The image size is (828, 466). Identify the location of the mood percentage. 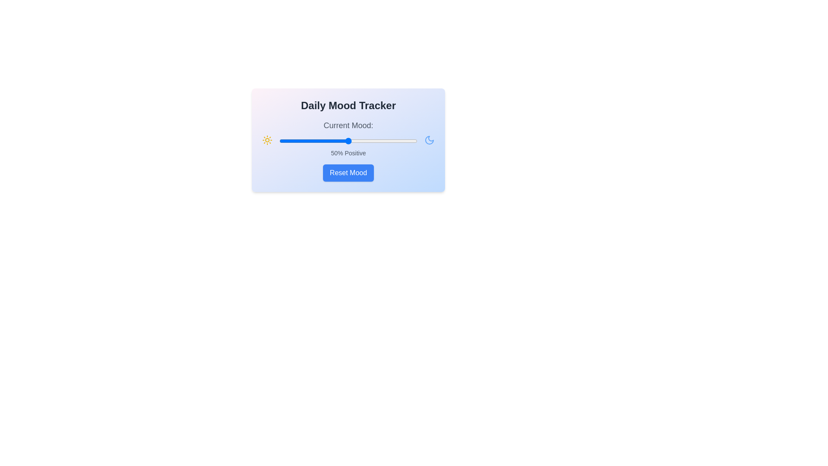
(408, 141).